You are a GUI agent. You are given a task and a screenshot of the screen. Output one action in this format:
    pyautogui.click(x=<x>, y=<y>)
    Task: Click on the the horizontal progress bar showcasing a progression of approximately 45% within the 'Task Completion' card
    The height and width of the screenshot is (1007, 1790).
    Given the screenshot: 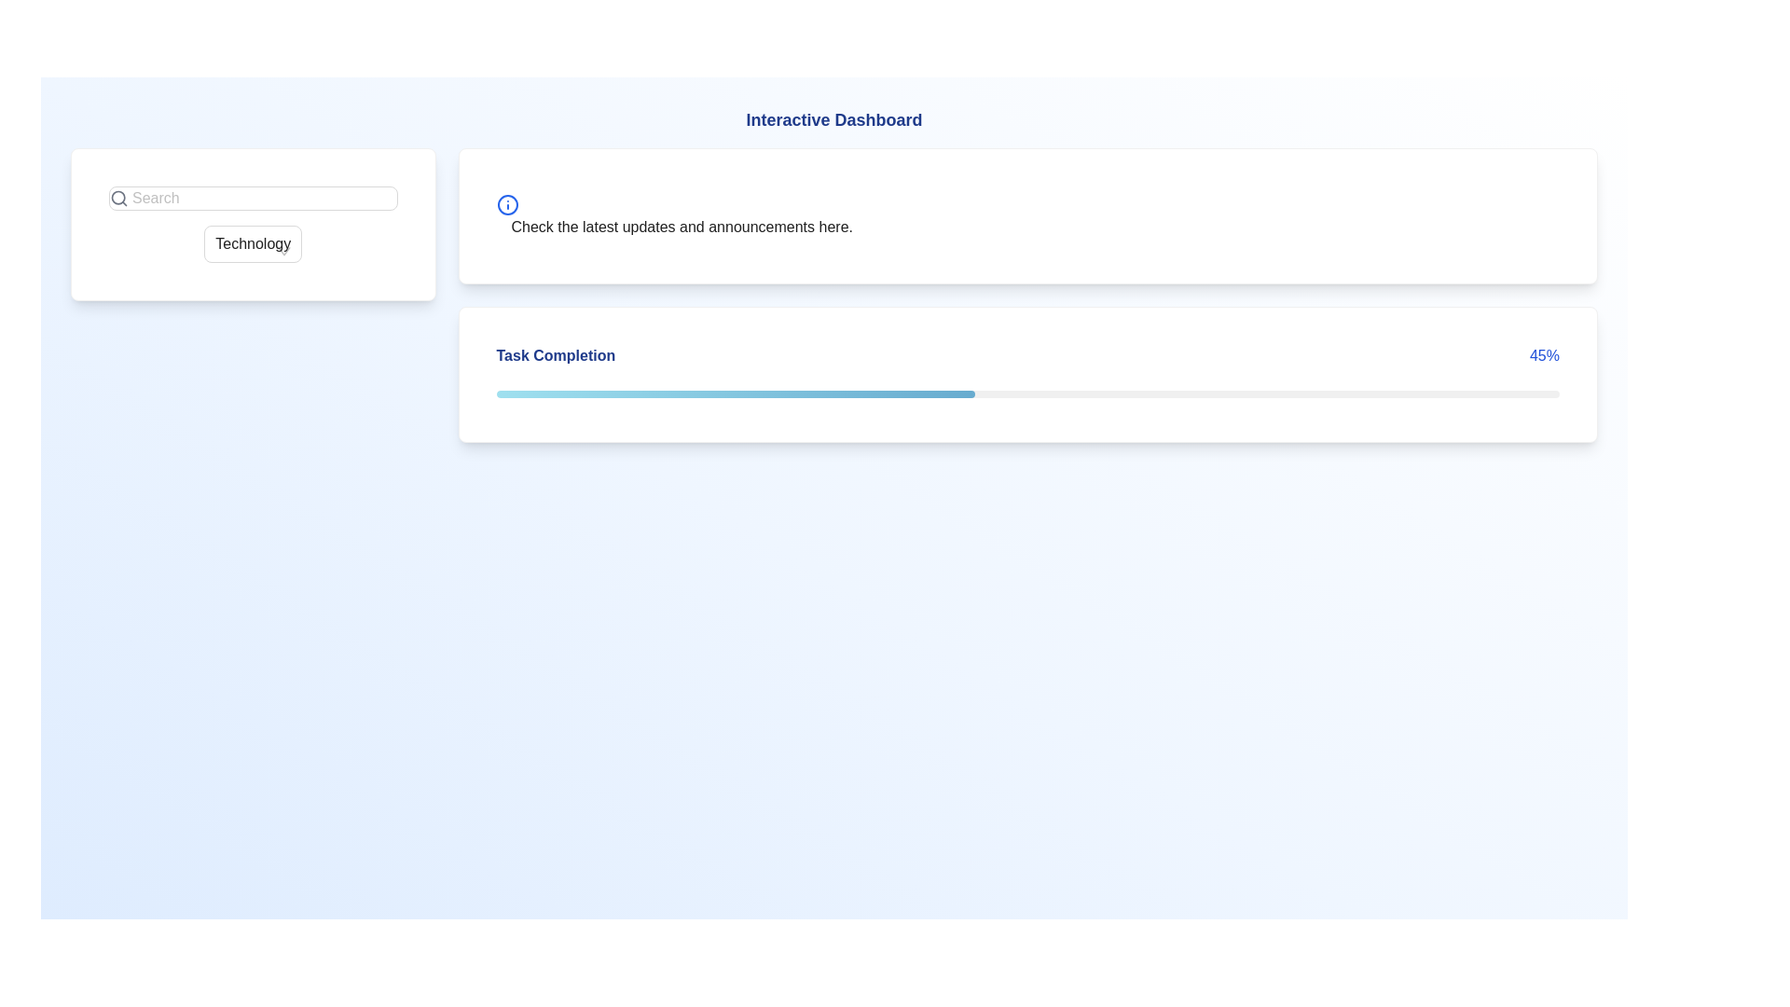 What is the action you would take?
    pyautogui.click(x=1026, y=393)
    